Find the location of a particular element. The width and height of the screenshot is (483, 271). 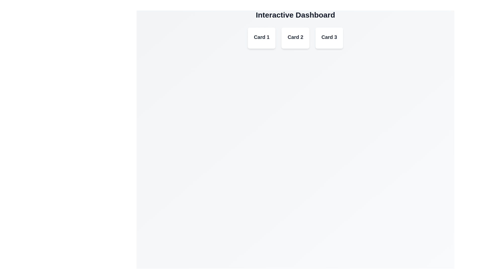

the static text label that identifies the card by name, centrally located within the white card, which is the second card in a row of three cards below the 'Interactive Dashboard' heading is located at coordinates (295, 37).